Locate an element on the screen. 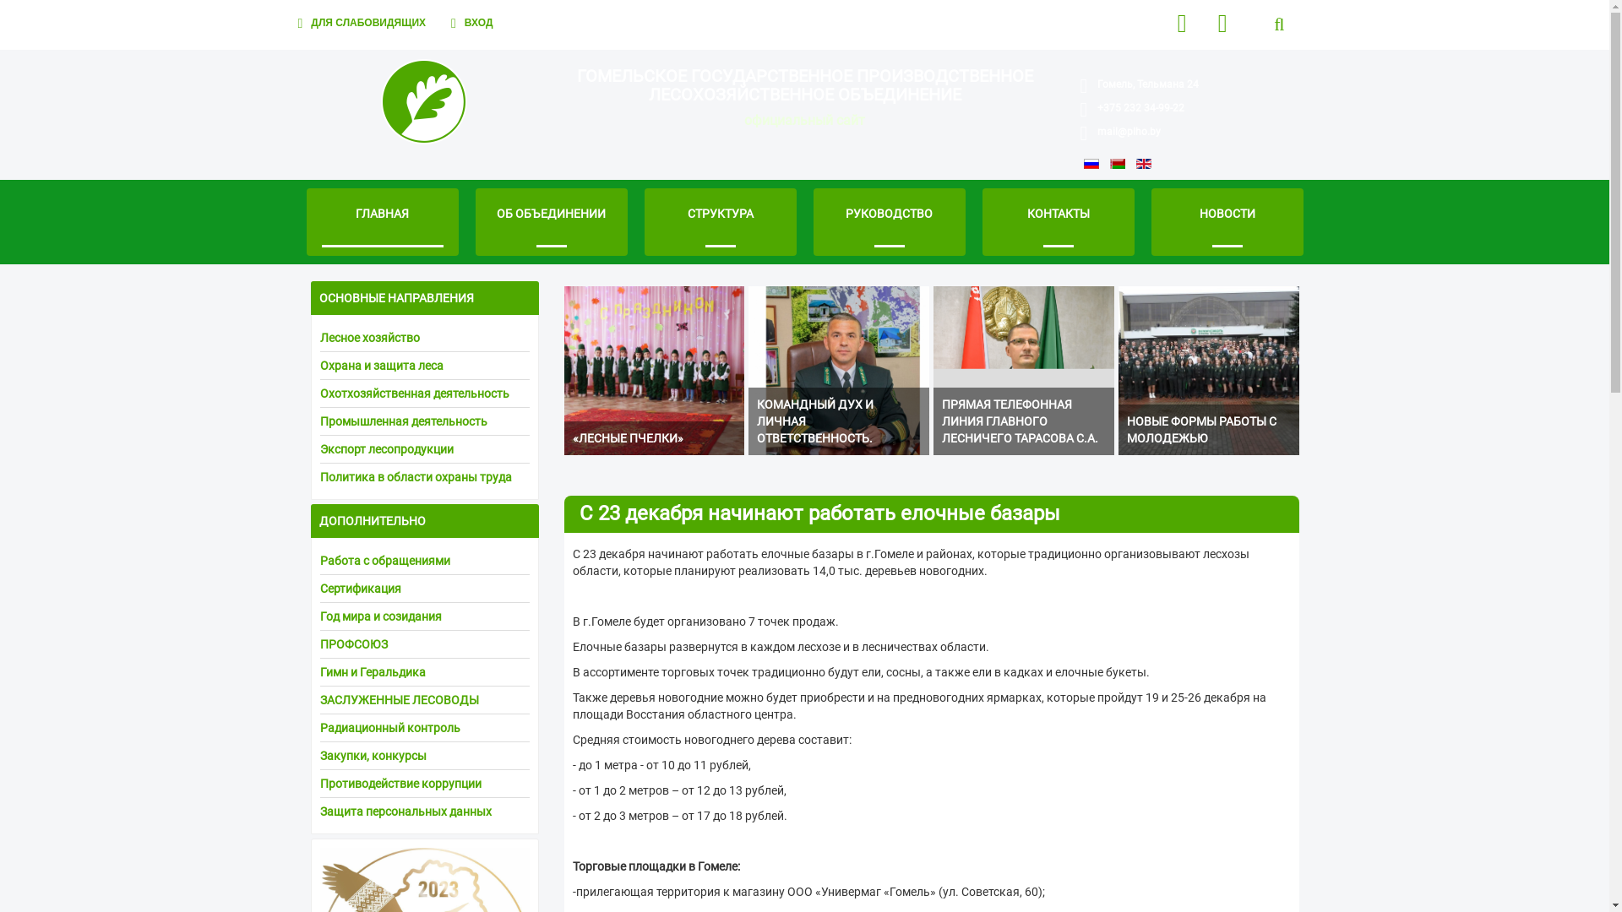 This screenshot has height=912, width=1622. 'mail@plho.by' is located at coordinates (1129, 130).